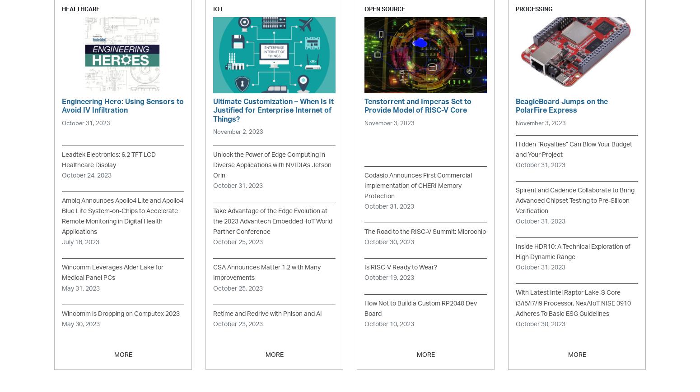 The width and height of the screenshot is (700, 392). I want to click on 'IoT', so click(217, 9).